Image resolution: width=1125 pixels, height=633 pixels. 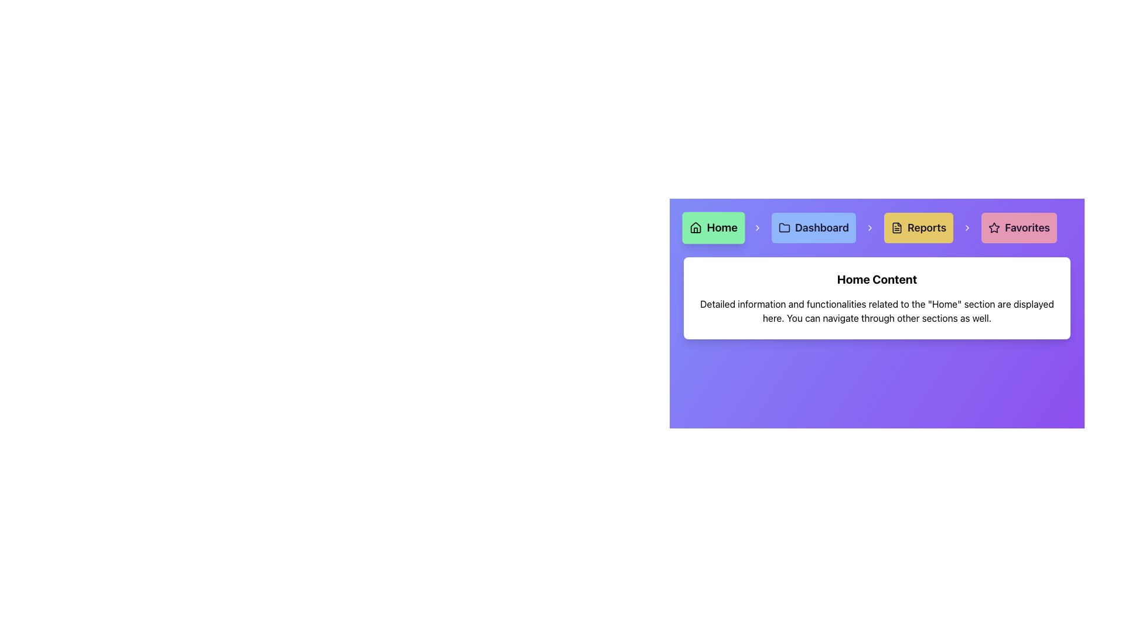 I want to click on the folder icon within the blue 'Dashboard' button in the horizontal navigation bar, which is styled with a rounded outline and minimalistic design, so click(x=785, y=228).